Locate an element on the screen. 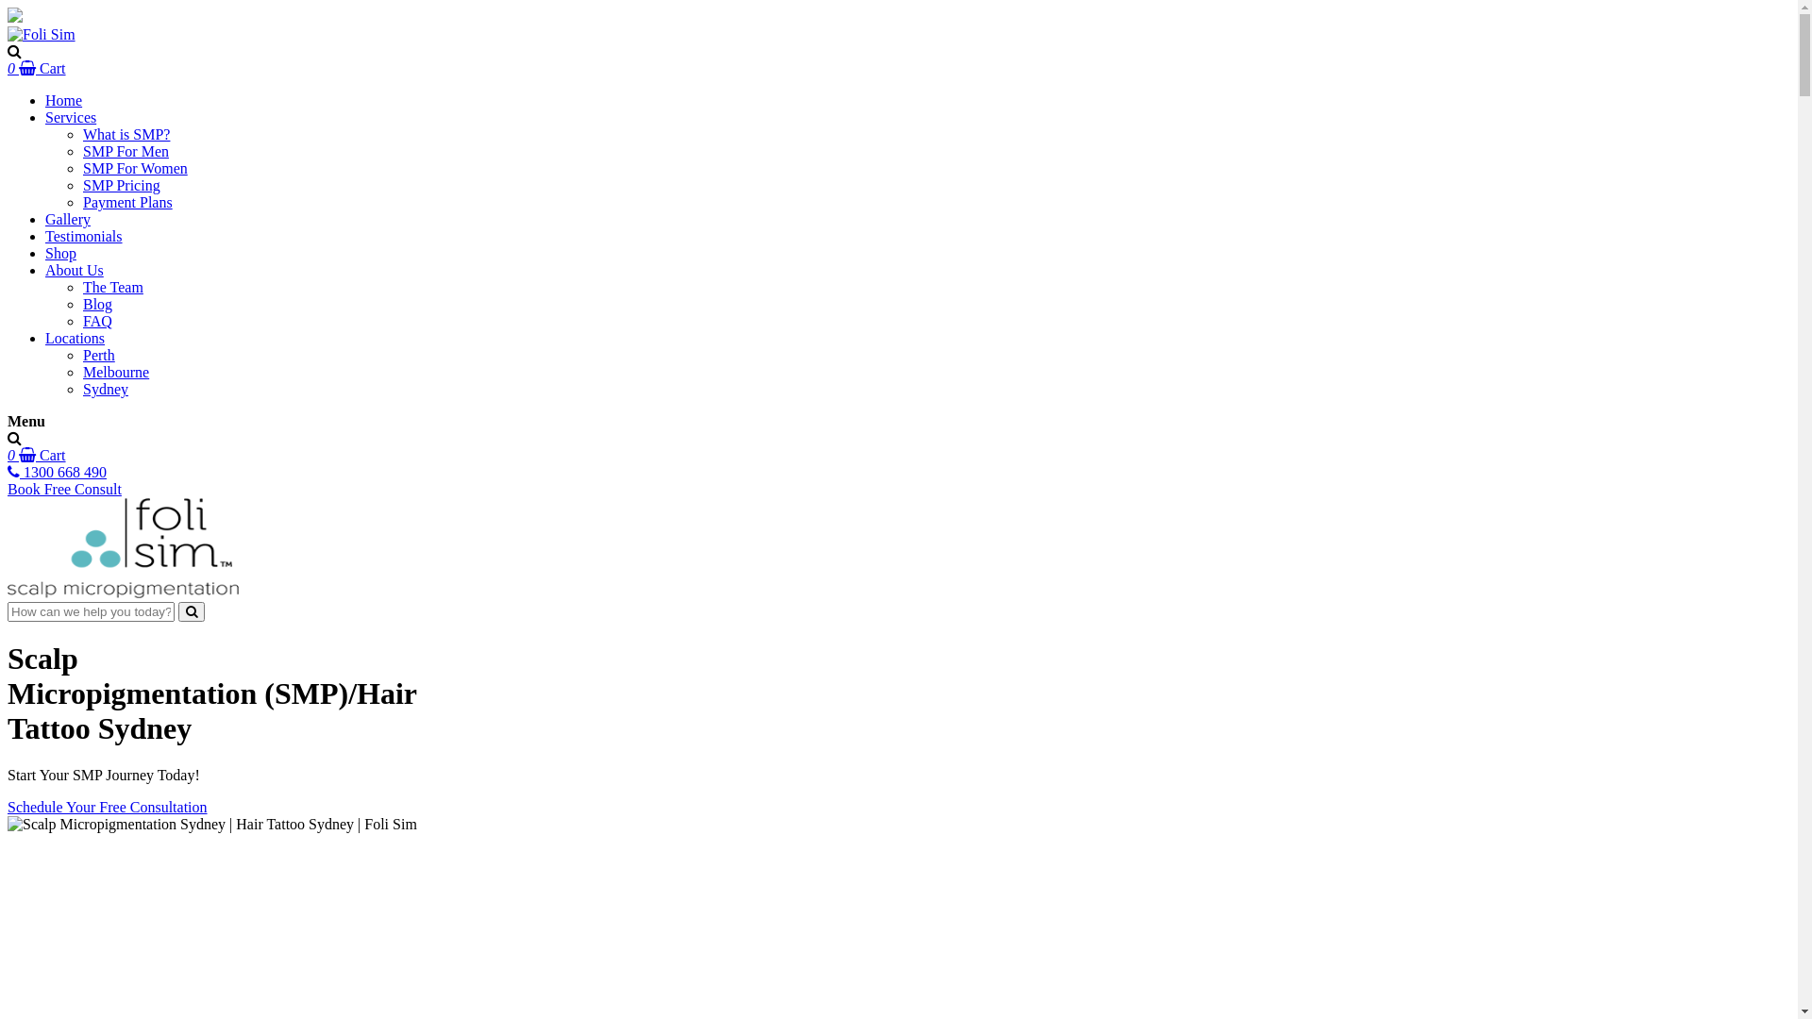 Image resolution: width=1812 pixels, height=1019 pixels. '1300 668 490' is located at coordinates (57, 471).